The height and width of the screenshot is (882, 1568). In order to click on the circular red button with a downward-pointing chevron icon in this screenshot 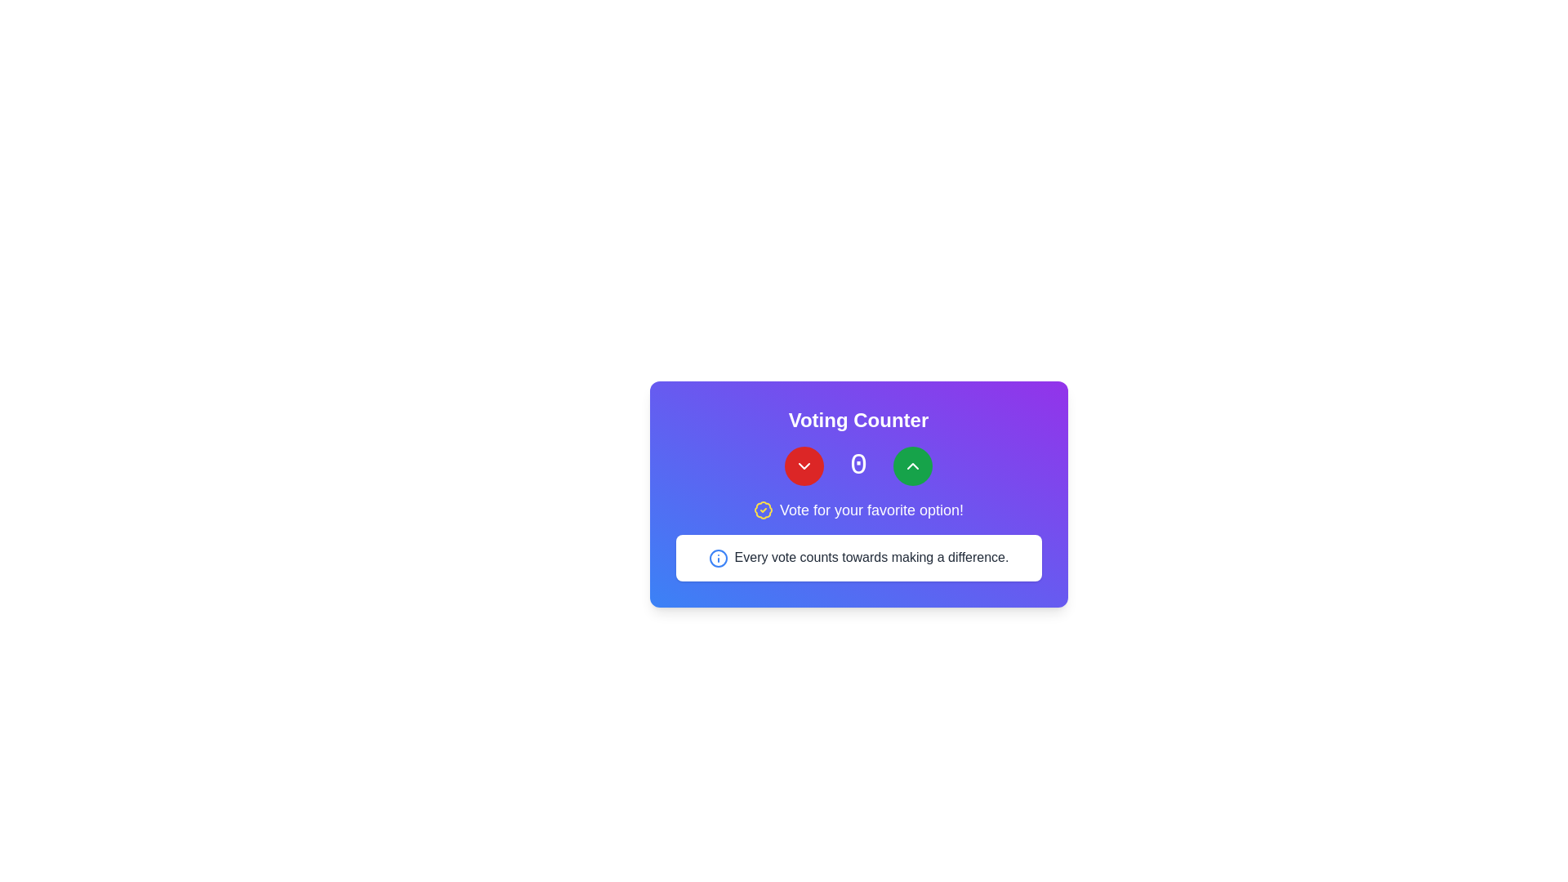, I will do `click(804, 465)`.